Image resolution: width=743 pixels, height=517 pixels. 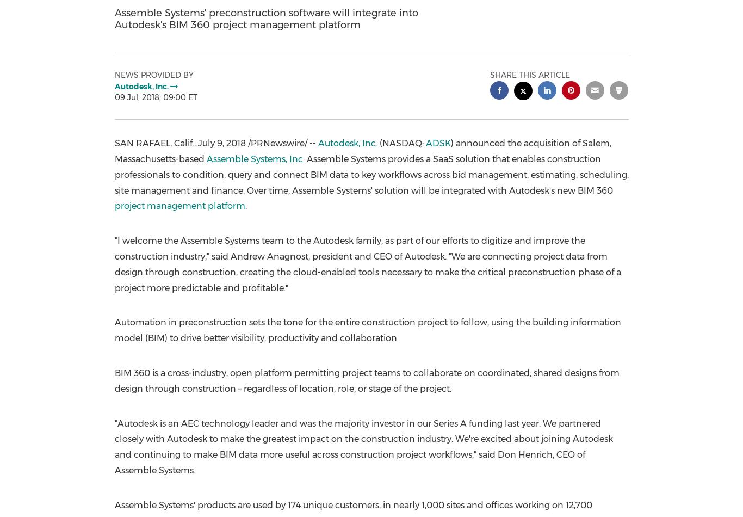 What do you see at coordinates (190, 158) in the screenshot?
I see `'-based'` at bounding box center [190, 158].